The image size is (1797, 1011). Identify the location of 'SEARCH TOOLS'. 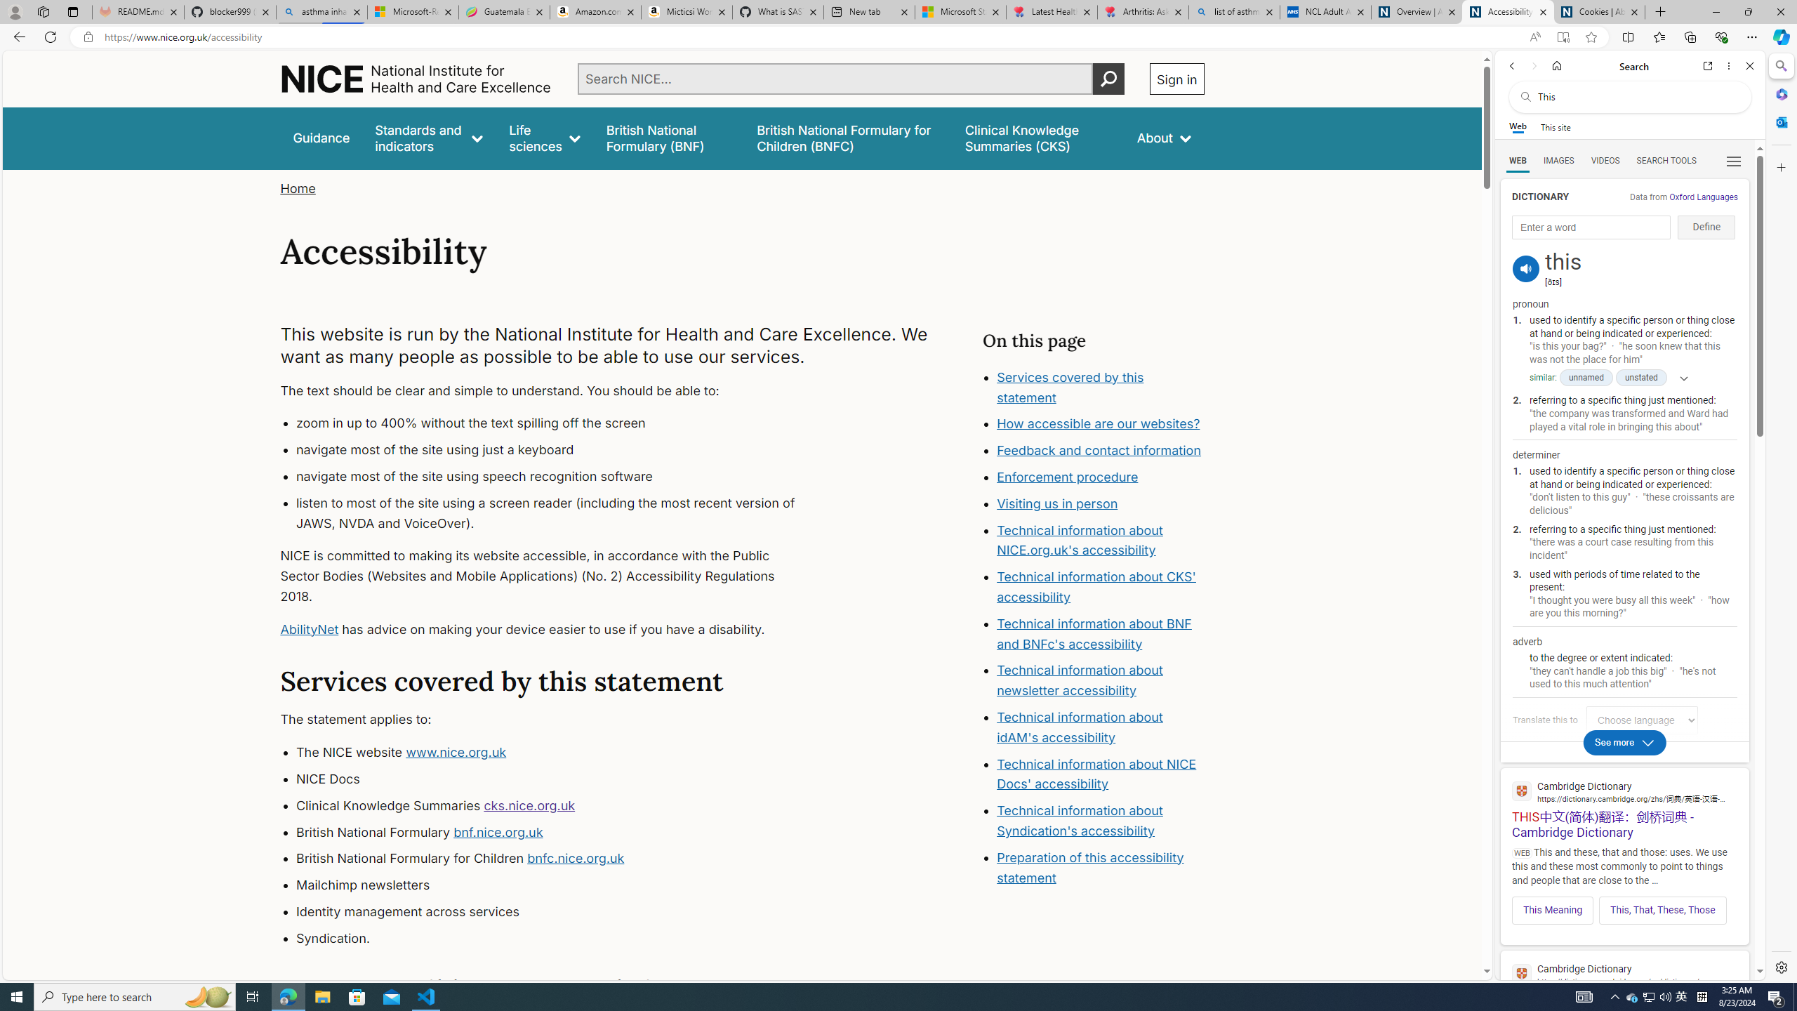
(1666, 161).